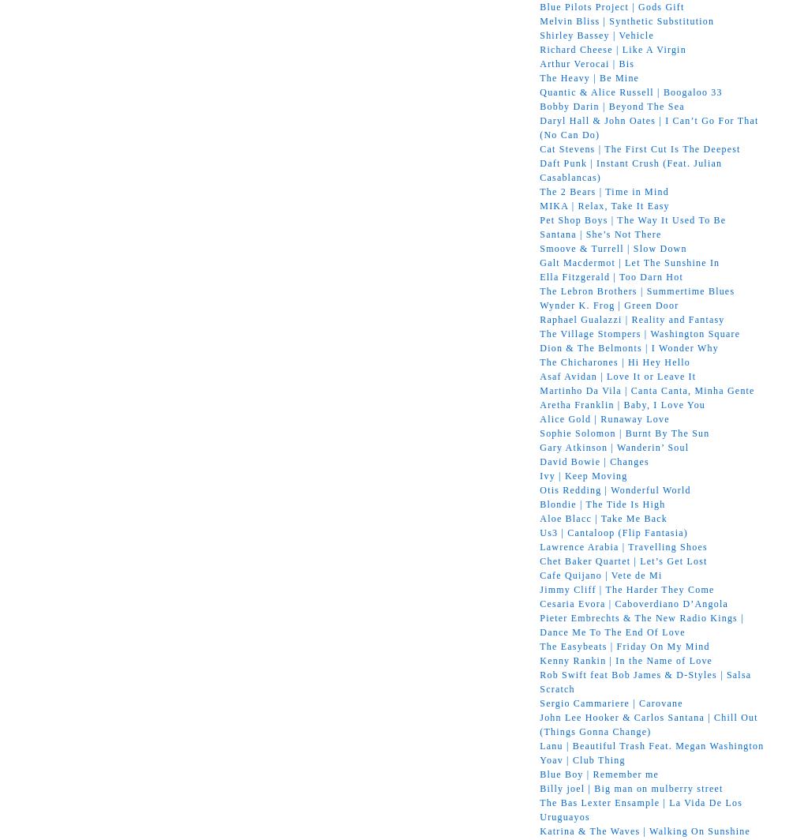  I want to click on 'Pet Shop Boys | The Way It Used To Be', so click(540, 219).